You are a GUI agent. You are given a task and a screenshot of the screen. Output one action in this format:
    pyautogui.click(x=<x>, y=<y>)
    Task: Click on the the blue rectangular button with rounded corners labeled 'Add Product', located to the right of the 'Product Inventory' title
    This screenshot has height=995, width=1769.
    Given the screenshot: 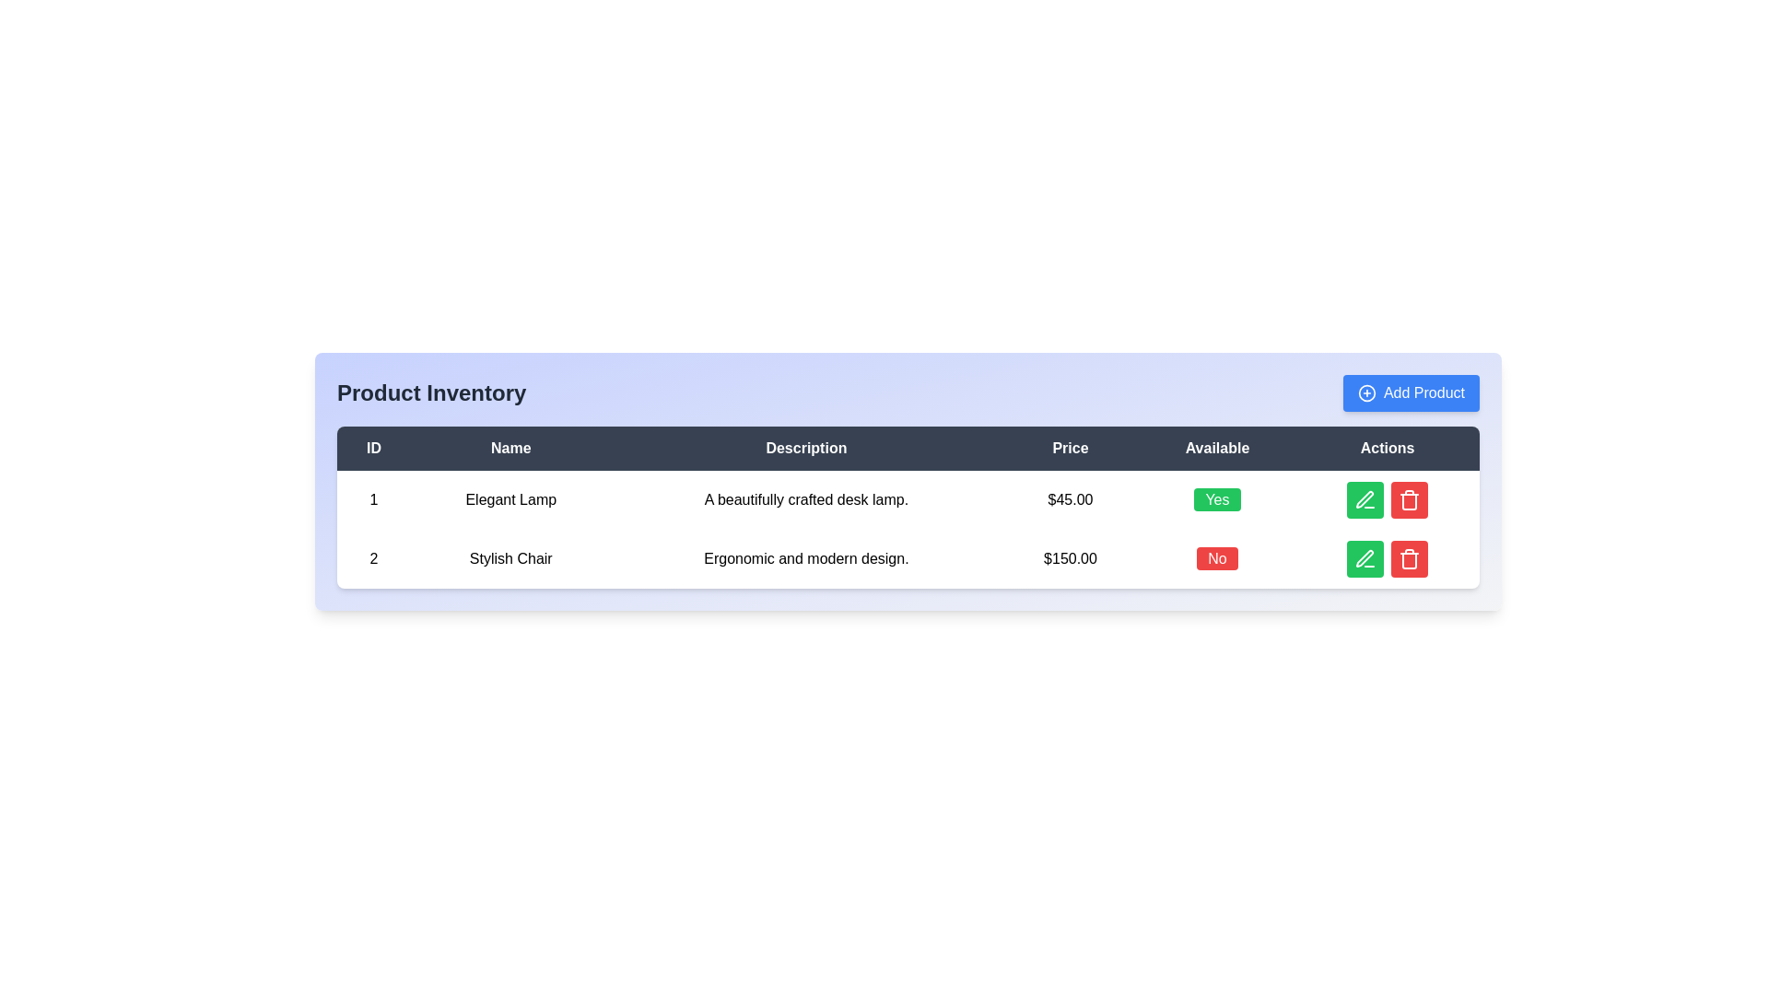 What is the action you would take?
    pyautogui.click(x=1410, y=392)
    